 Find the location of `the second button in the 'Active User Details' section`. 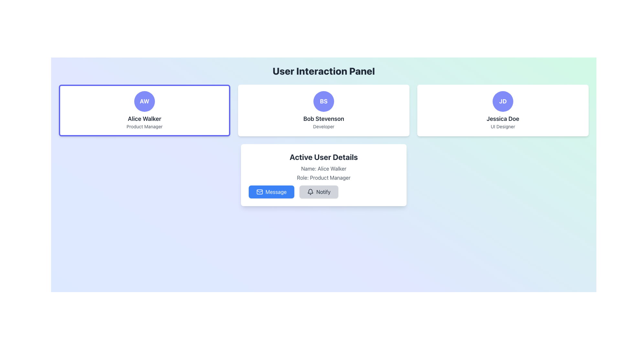

the second button in the 'Active User Details' section is located at coordinates (324, 192).